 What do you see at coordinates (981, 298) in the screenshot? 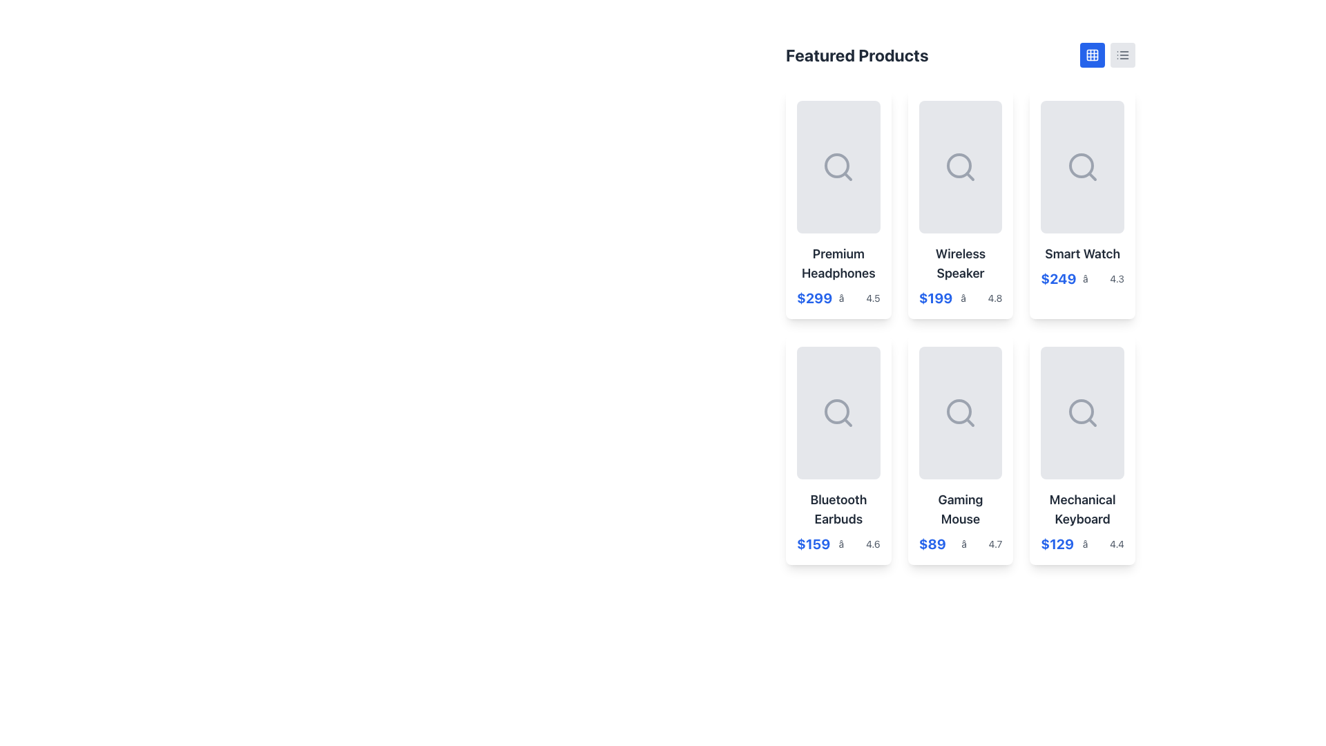
I see `the text label with an icon that conveys the rating information of the 'Wireless Speaker' product, located directly under the price in the second column of the top row of the product grid` at bounding box center [981, 298].